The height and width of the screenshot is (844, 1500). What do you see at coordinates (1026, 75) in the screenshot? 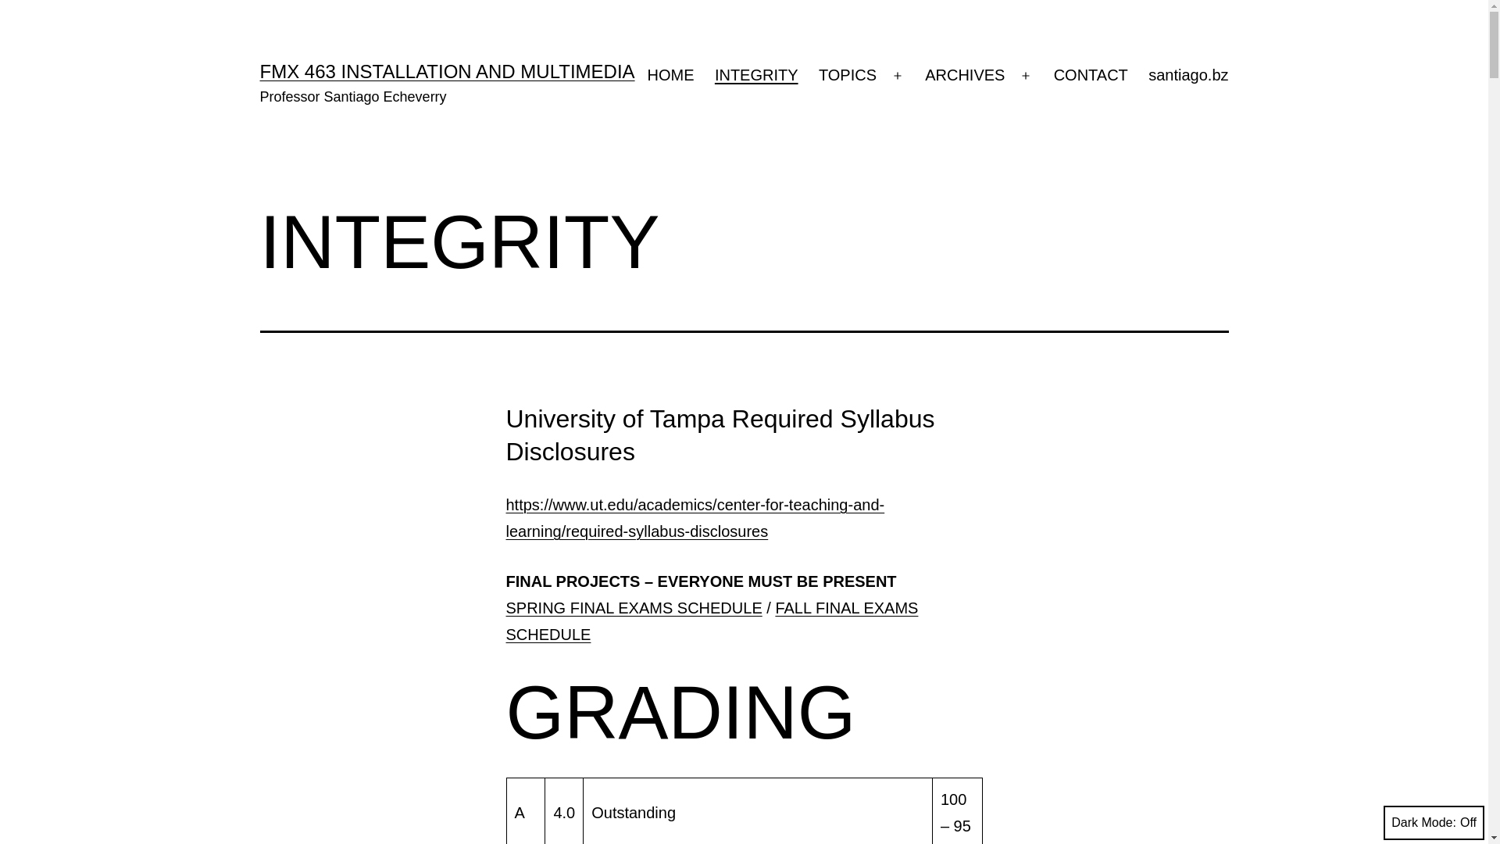
I see `'Open menu'` at bounding box center [1026, 75].